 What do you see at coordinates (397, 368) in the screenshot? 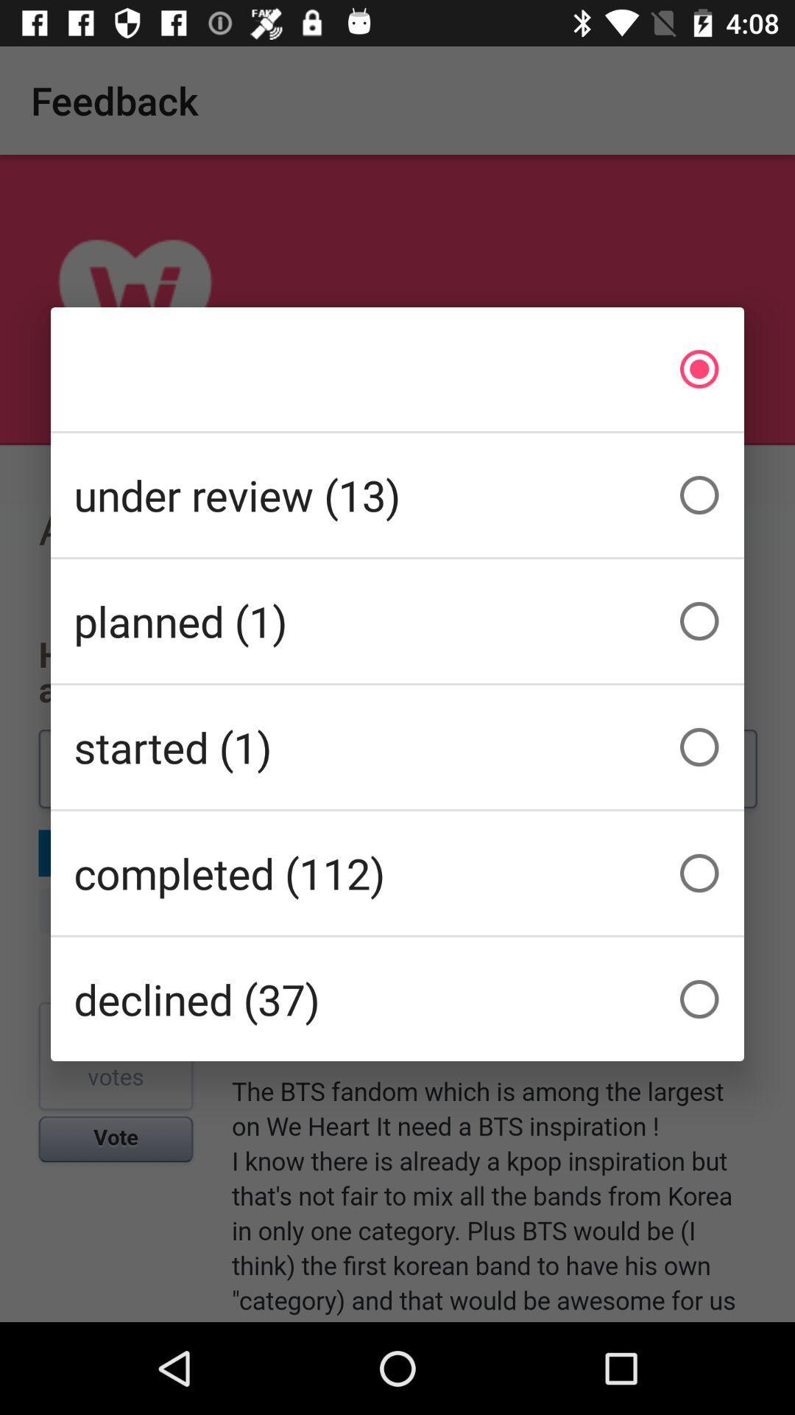
I see `the item at the top` at bounding box center [397, 368].